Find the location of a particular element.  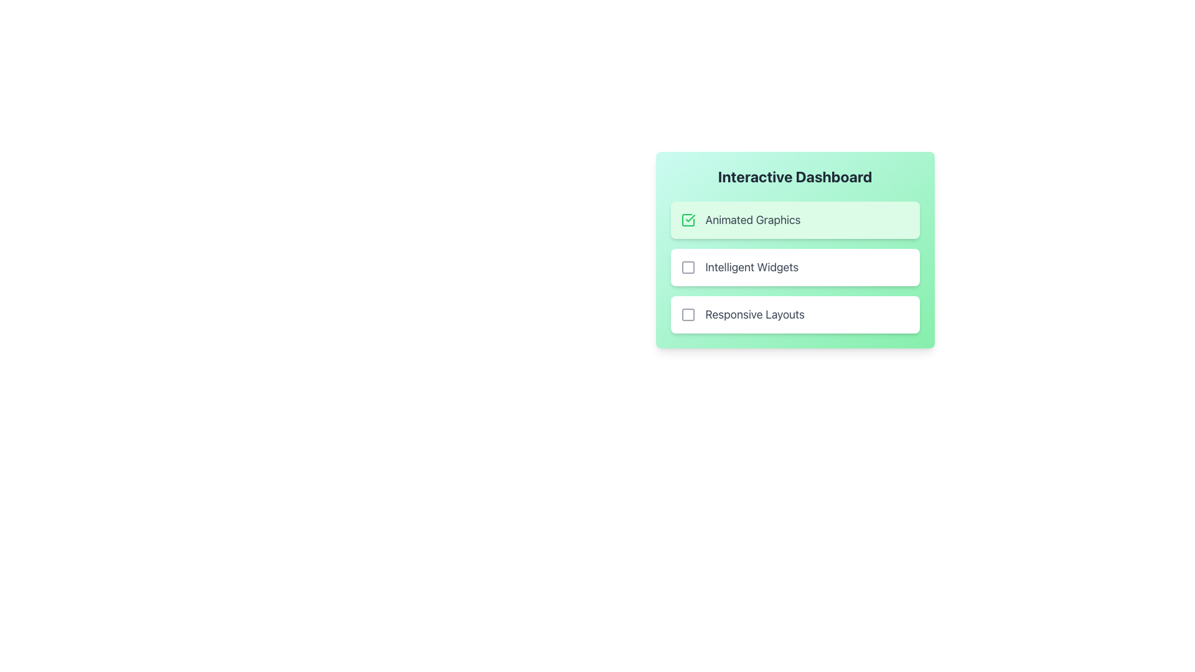

the checkbox indicator for the 'Responsive Layouts' option in the checkbox group to trigger additional effects is located at coordinates (687, 314).